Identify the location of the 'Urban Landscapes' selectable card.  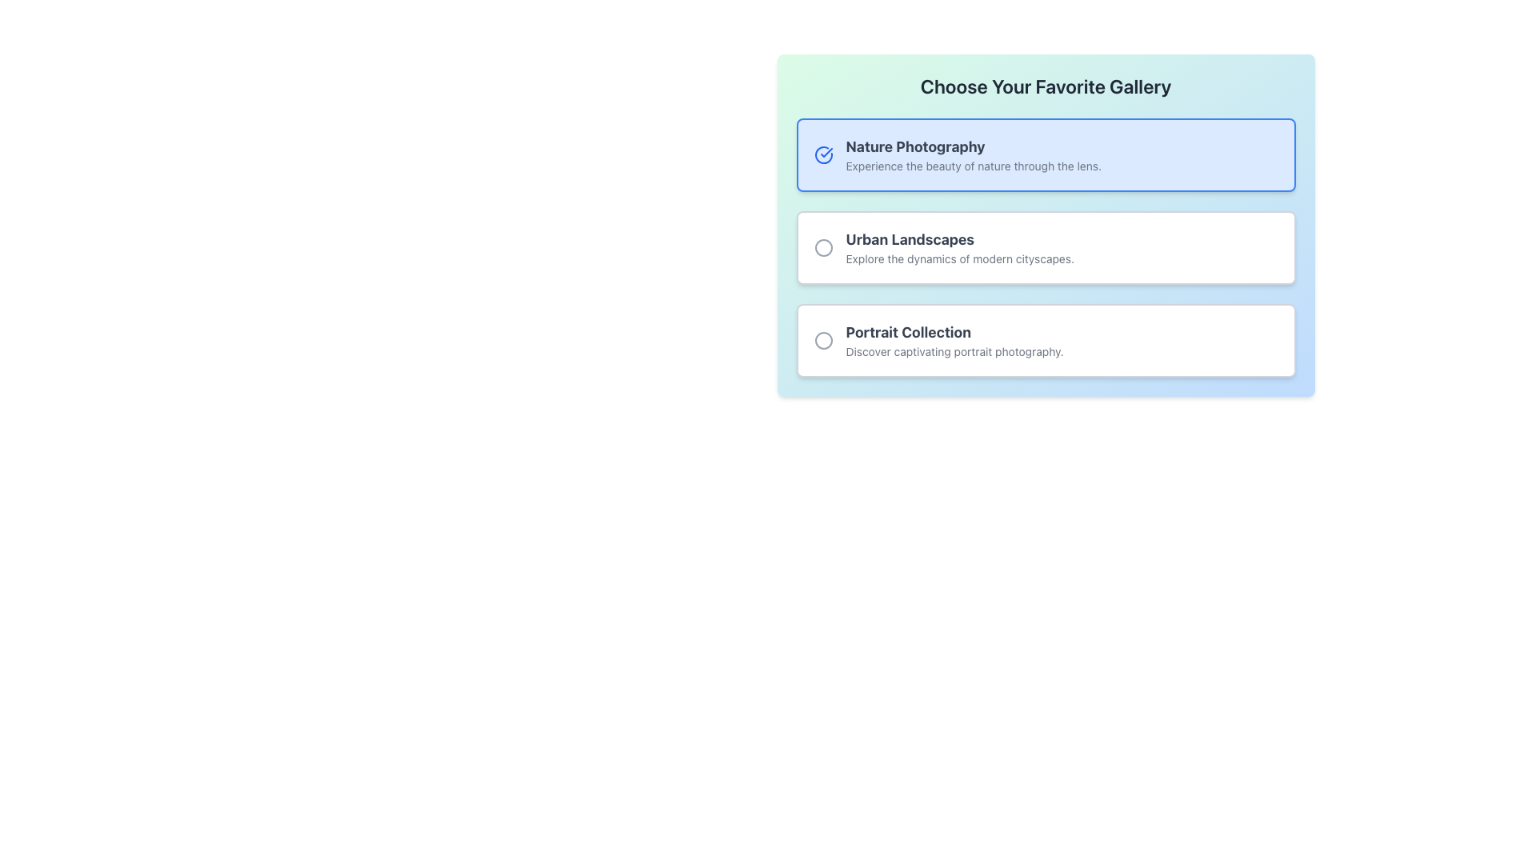
(1046, 247).